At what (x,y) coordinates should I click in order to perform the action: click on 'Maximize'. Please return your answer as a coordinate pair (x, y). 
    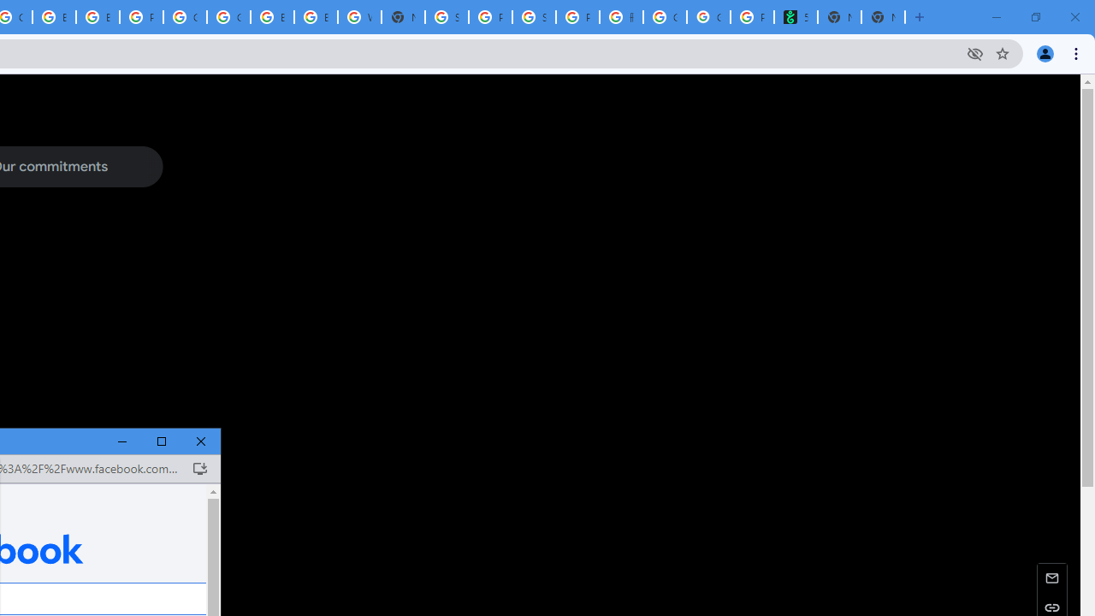
    Looking at the image, I should click on (162, 441).